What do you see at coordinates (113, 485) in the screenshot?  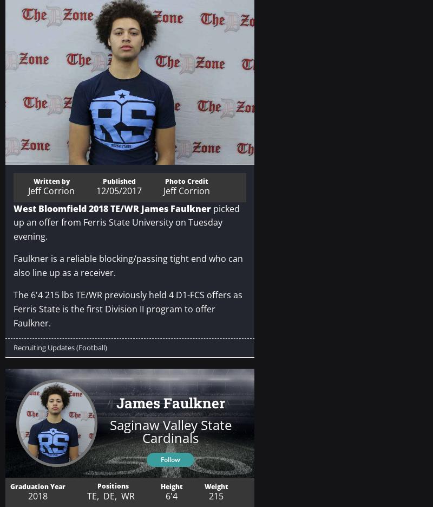 I see `'Positions'` at bounding box center [113, 485].